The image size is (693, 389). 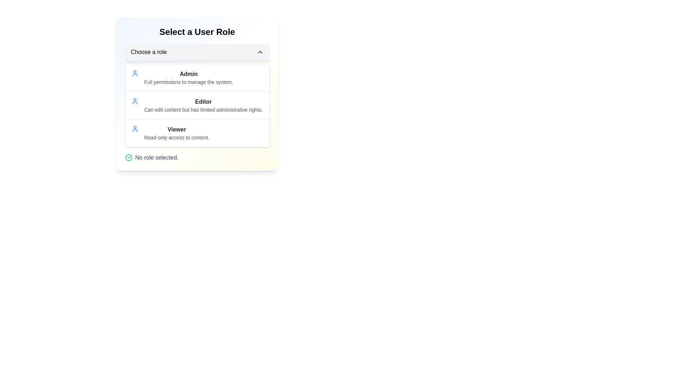 What do you see at coordinates (260, 52) in the screenshot?
I see `the upward chevron icon` at bounding box center [260, 52].